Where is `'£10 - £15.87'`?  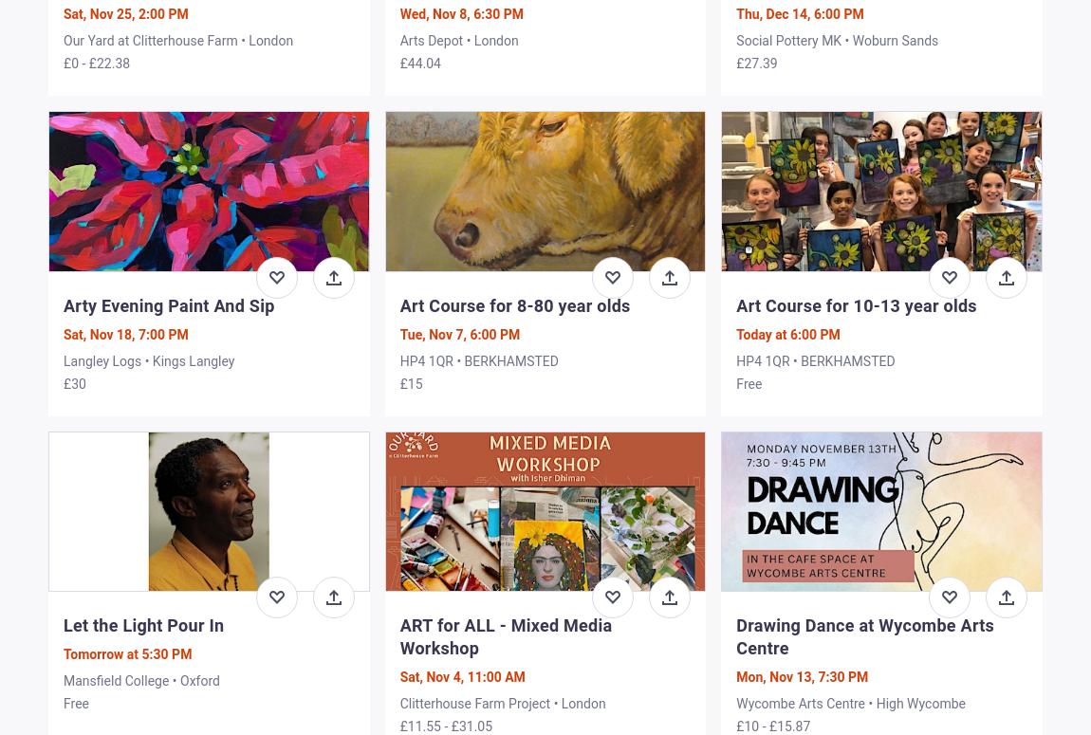
'£10 - £15.87' is located at coordinates (772, 725).